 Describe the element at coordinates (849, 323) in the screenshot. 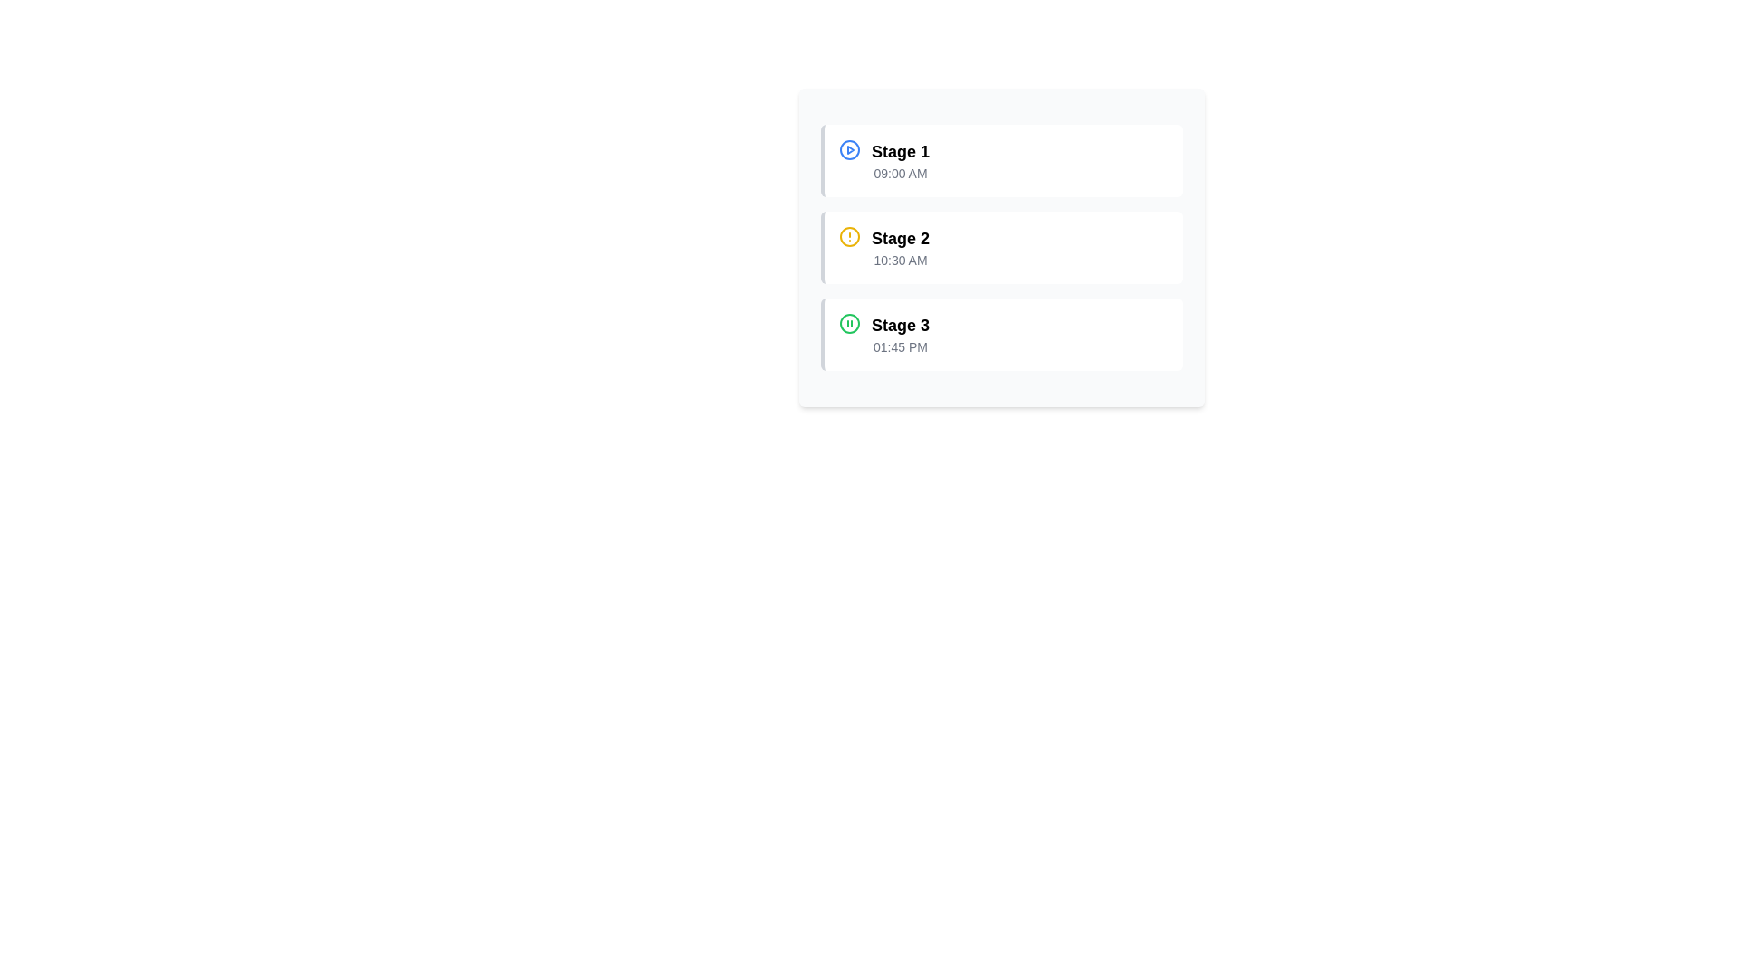

I see `the pause icon located at the top-left corner of the block labeled 'Stage 3', adjacent to the text 'Stage 3' and '01:45 PM'` at that location.